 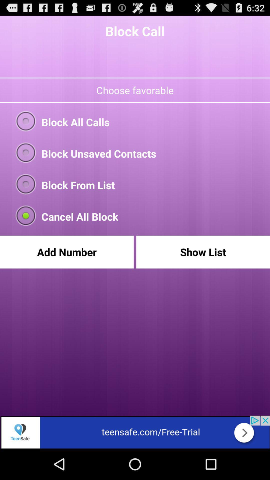 I want to click on the advertisement page, so click(x=135, y=432).